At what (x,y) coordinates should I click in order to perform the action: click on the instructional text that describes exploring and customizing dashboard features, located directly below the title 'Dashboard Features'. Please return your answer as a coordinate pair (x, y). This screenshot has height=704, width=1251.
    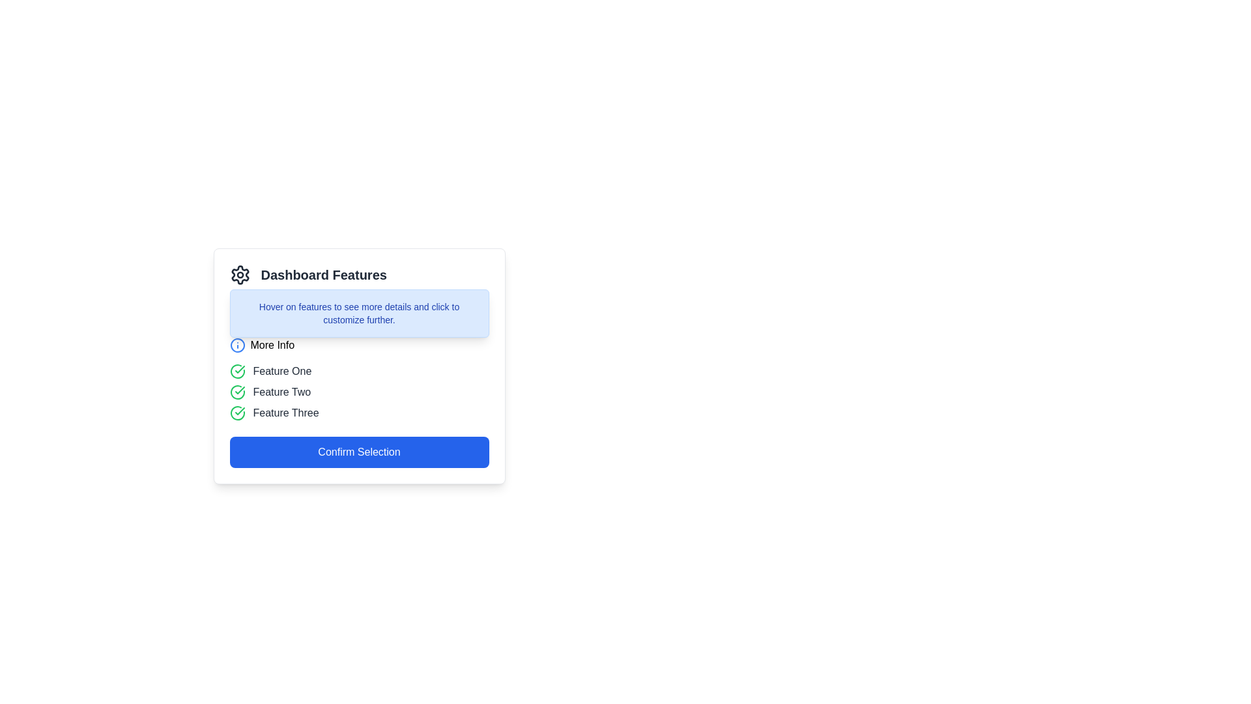
    Looking at the image, I should click on (359, 309).